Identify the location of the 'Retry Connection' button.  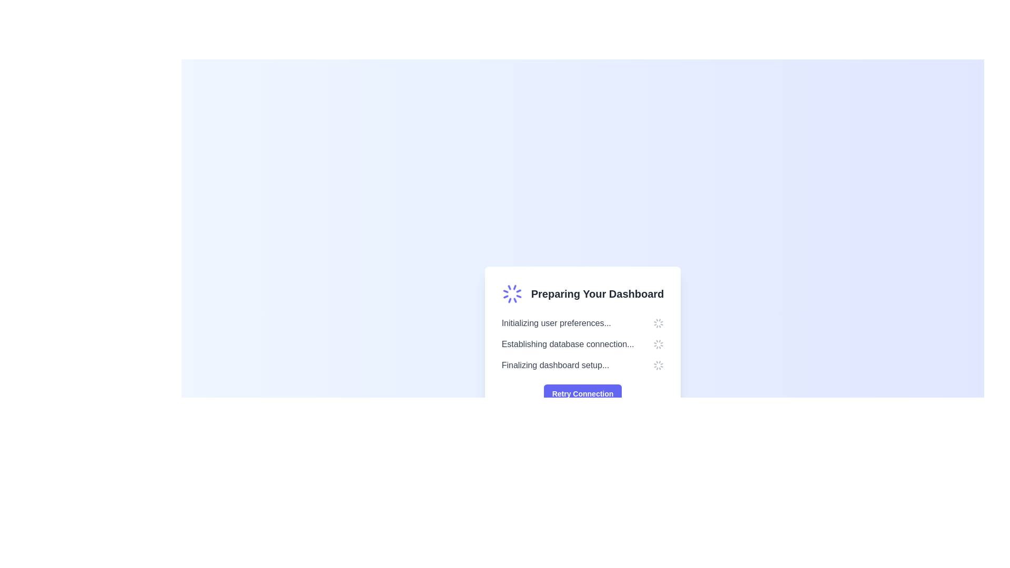
(582, 393).